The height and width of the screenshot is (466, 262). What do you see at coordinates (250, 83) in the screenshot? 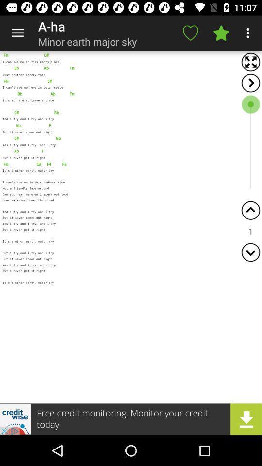
I see `next` at bounding box center [250, 83].